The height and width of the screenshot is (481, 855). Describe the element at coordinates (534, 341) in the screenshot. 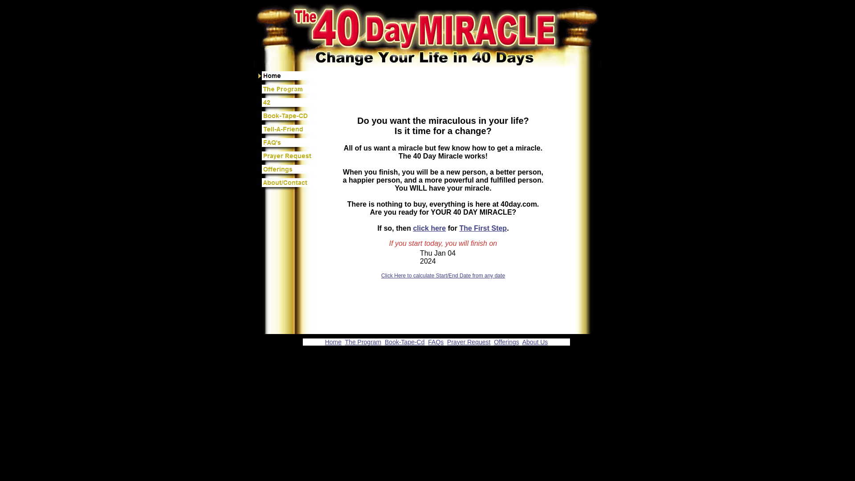

I see `'About Us'` at that location.